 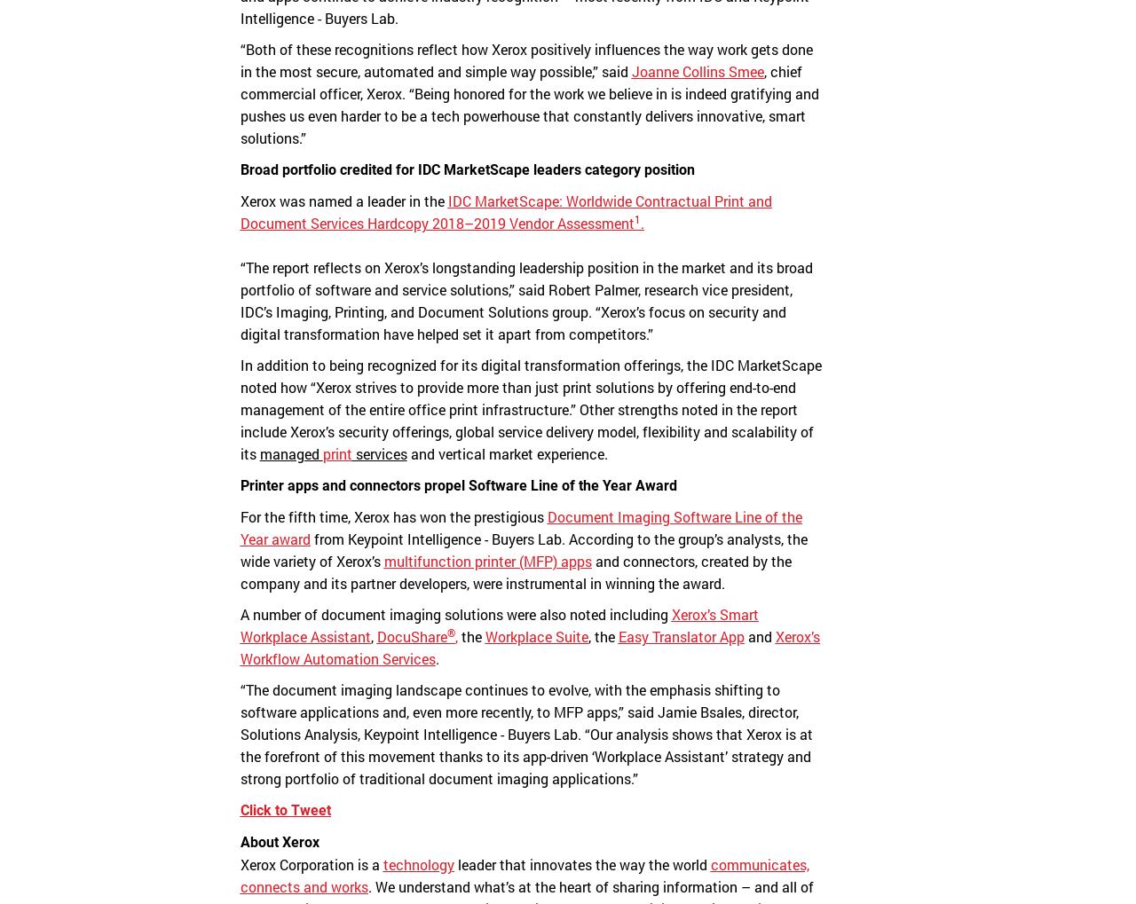 What do you see at coordinates (331, 485) in the screenshot?
I see `'Printer apps and connectors'` at bounding box center [331, 485].